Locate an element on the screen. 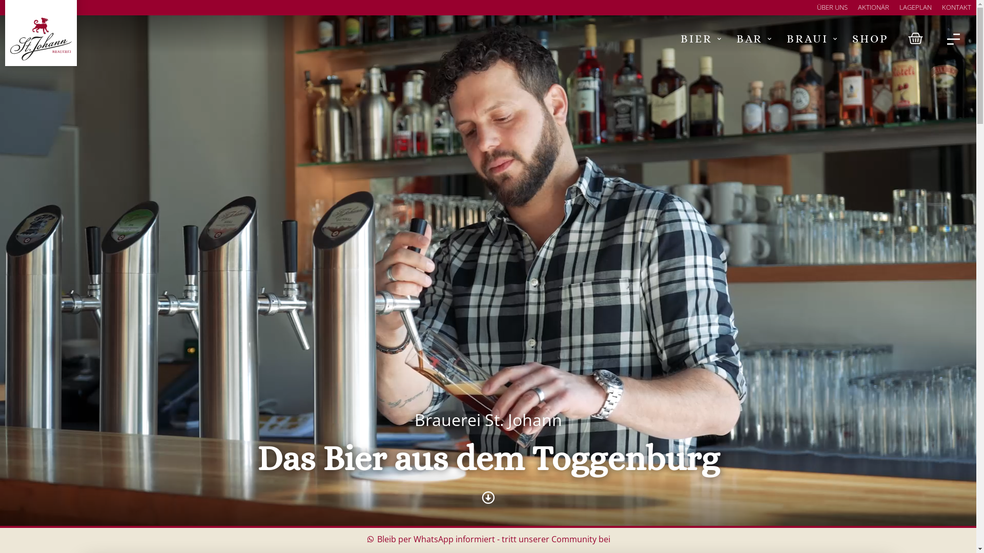 This screenshot has height=553, width=984. 'LAGEPLAN' is located at coordinates (915, 8).